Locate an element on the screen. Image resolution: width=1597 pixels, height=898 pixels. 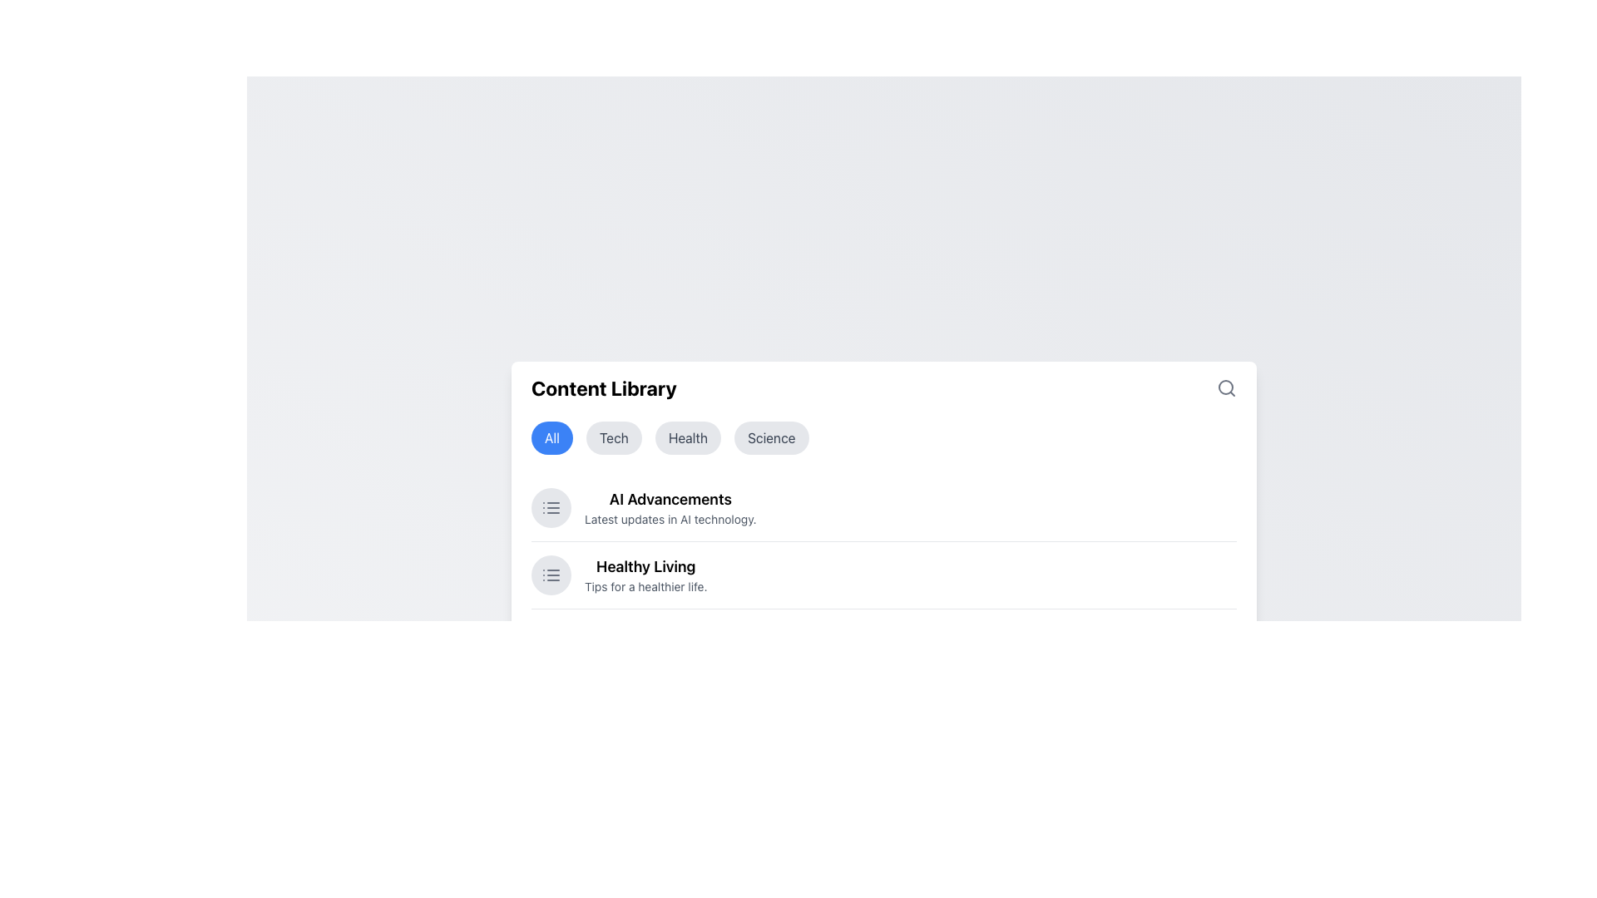
the Text description block that serves as a title and brief description for a content item about AI advancements, located in the middle section of the vertical content list under the 'All' filter in the 'Content Library' interface, as it is the first content item in the list is located at coordinates (670, 506).